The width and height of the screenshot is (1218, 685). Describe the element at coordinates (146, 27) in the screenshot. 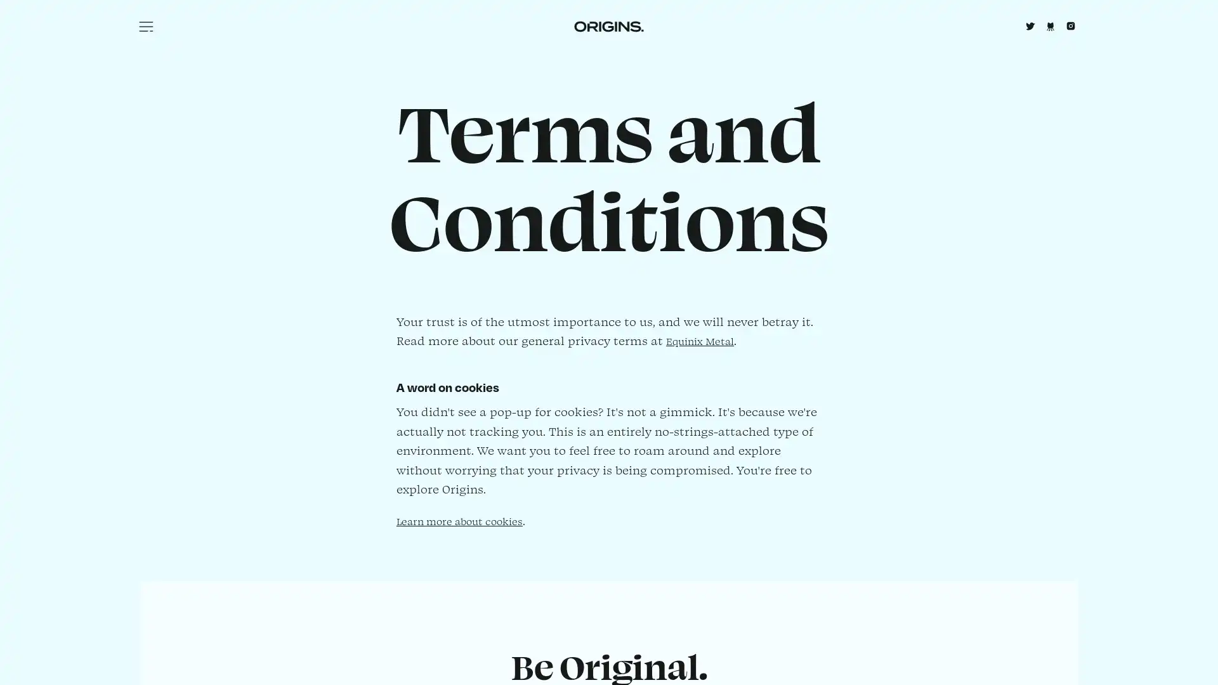

I see `Menu icon` at that location.